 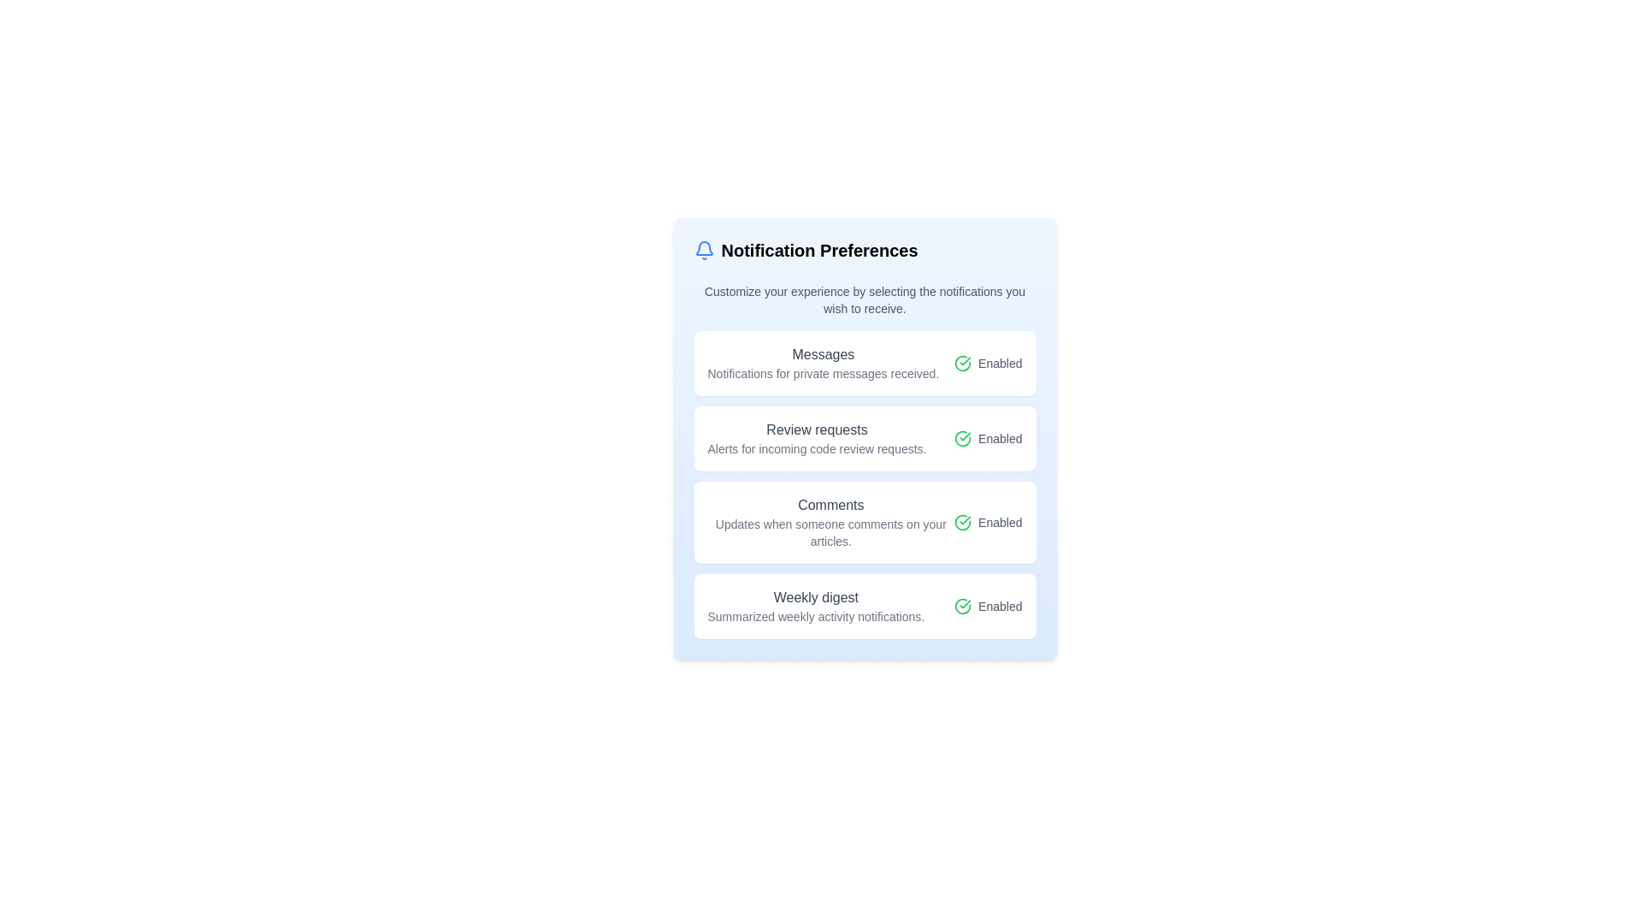 I want to click on the 'Enabled' text or checkmark icon in the third item of the notification settings list, which has a white background and a bold header 'Comments', so click(x=865, y=521).